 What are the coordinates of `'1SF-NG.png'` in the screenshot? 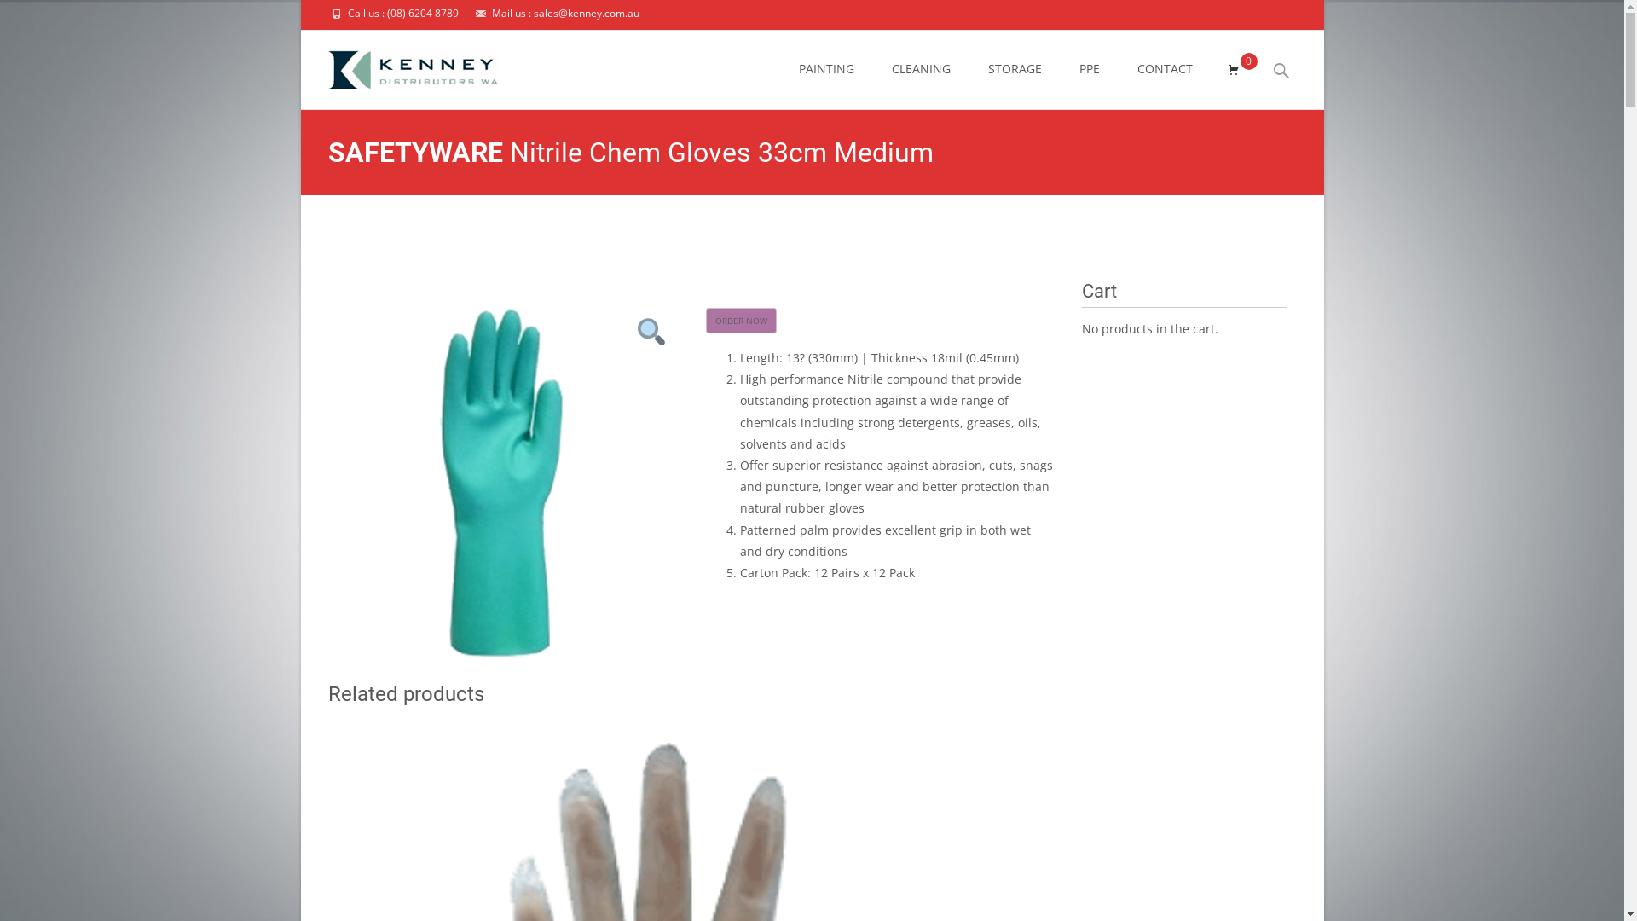 It's located at (500, 483).